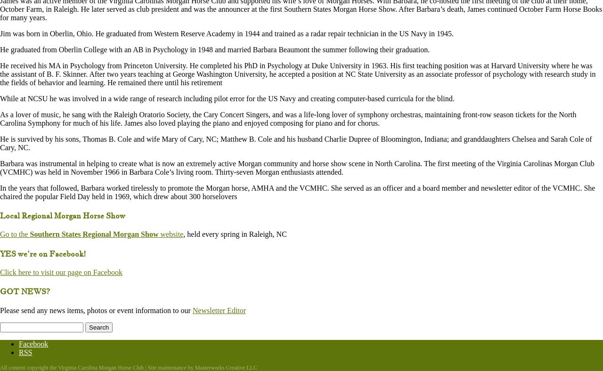 The height and width of the screenshot is (371, 603). I want to click on 'YES we’re on Facebook!', so click(42, 253).